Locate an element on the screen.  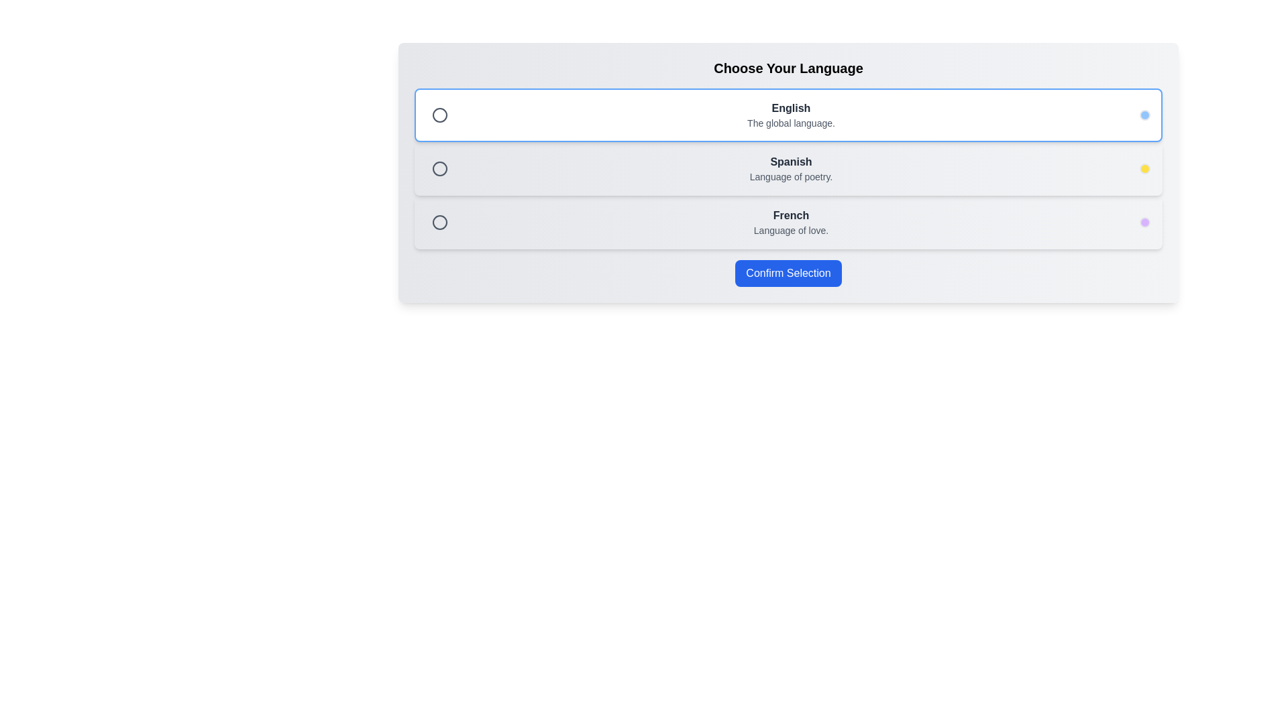
the circular icon is located at coordinates (440, 221).